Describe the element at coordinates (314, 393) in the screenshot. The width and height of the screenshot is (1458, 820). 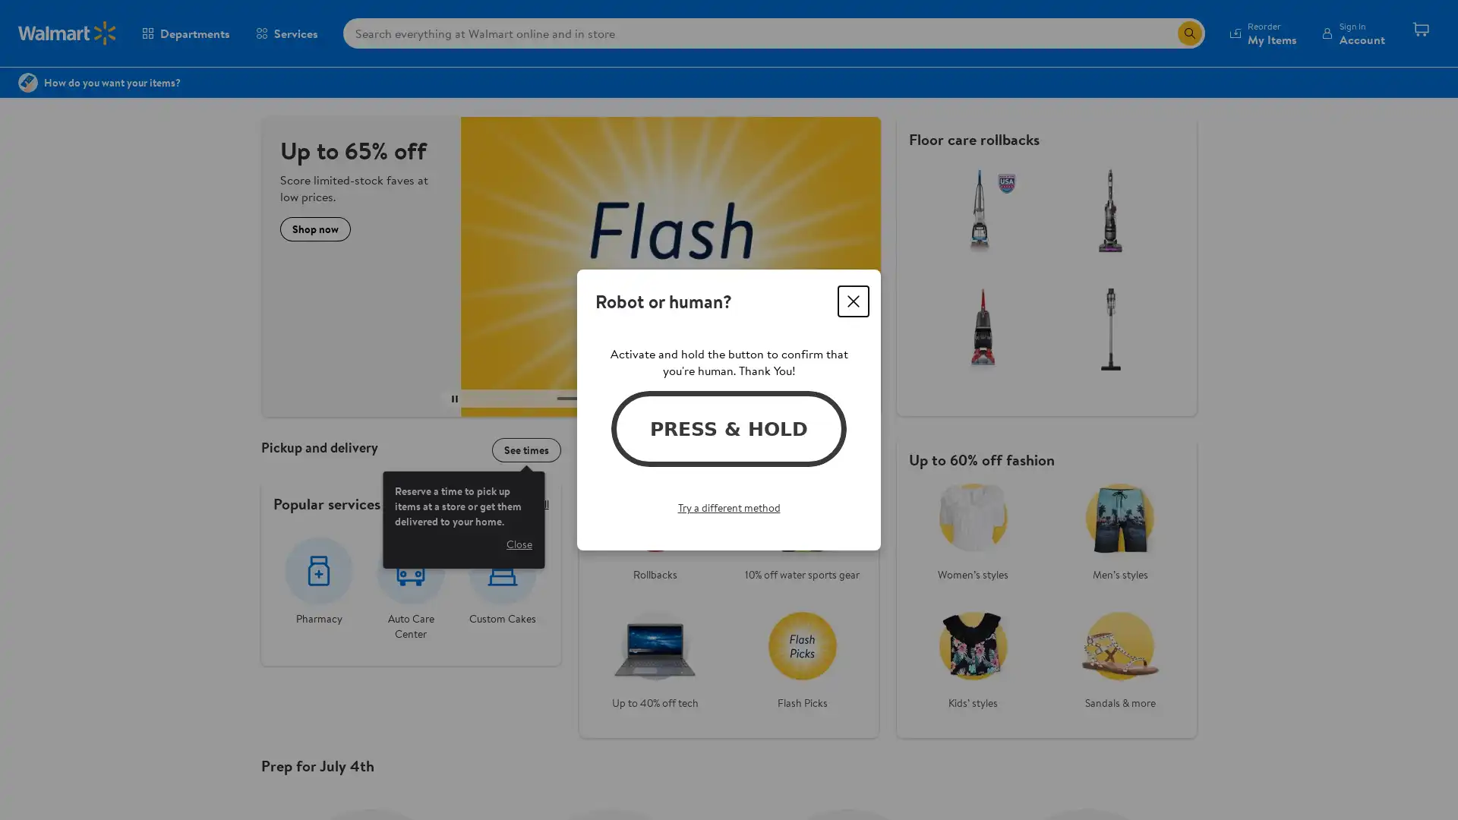
I see `*Important details` at that location.